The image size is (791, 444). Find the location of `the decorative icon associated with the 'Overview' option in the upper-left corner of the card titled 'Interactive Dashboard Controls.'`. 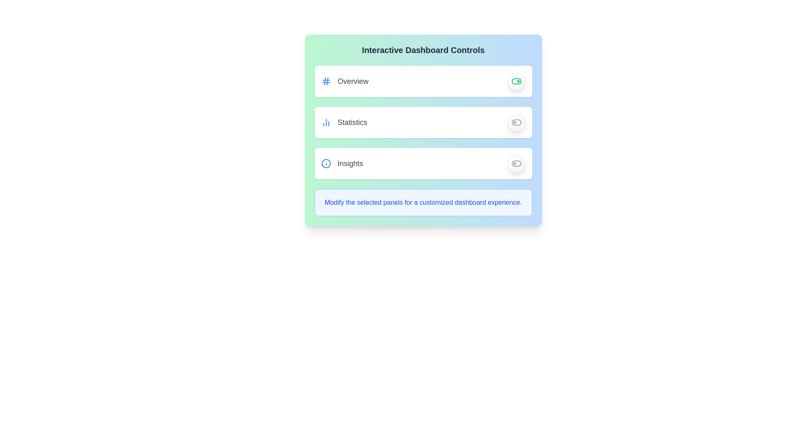

the decorative icon associated with the 'Overview' option in the upper-left corner of the card titled 'Interactive Dashboard Controls.' is located at coordinates (325, 81).